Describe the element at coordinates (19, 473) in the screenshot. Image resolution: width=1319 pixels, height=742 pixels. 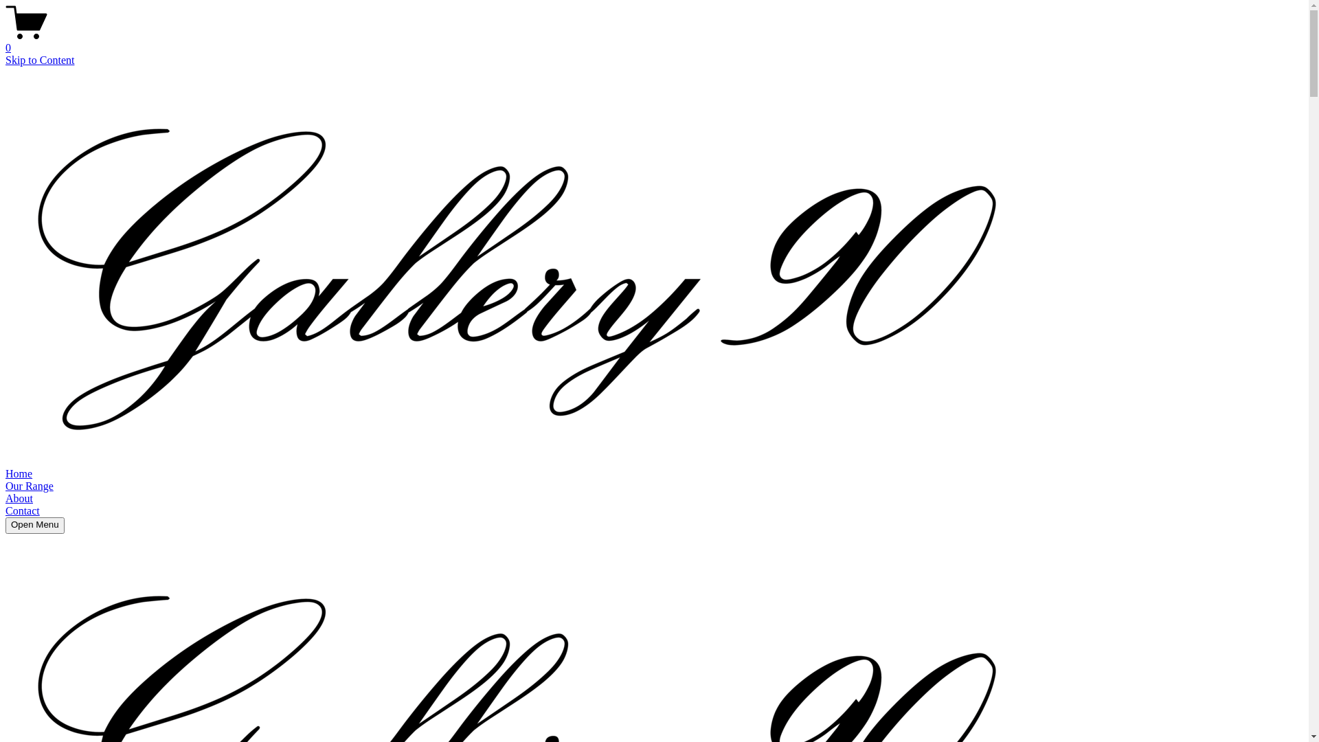
I see `'Home'` at that location.